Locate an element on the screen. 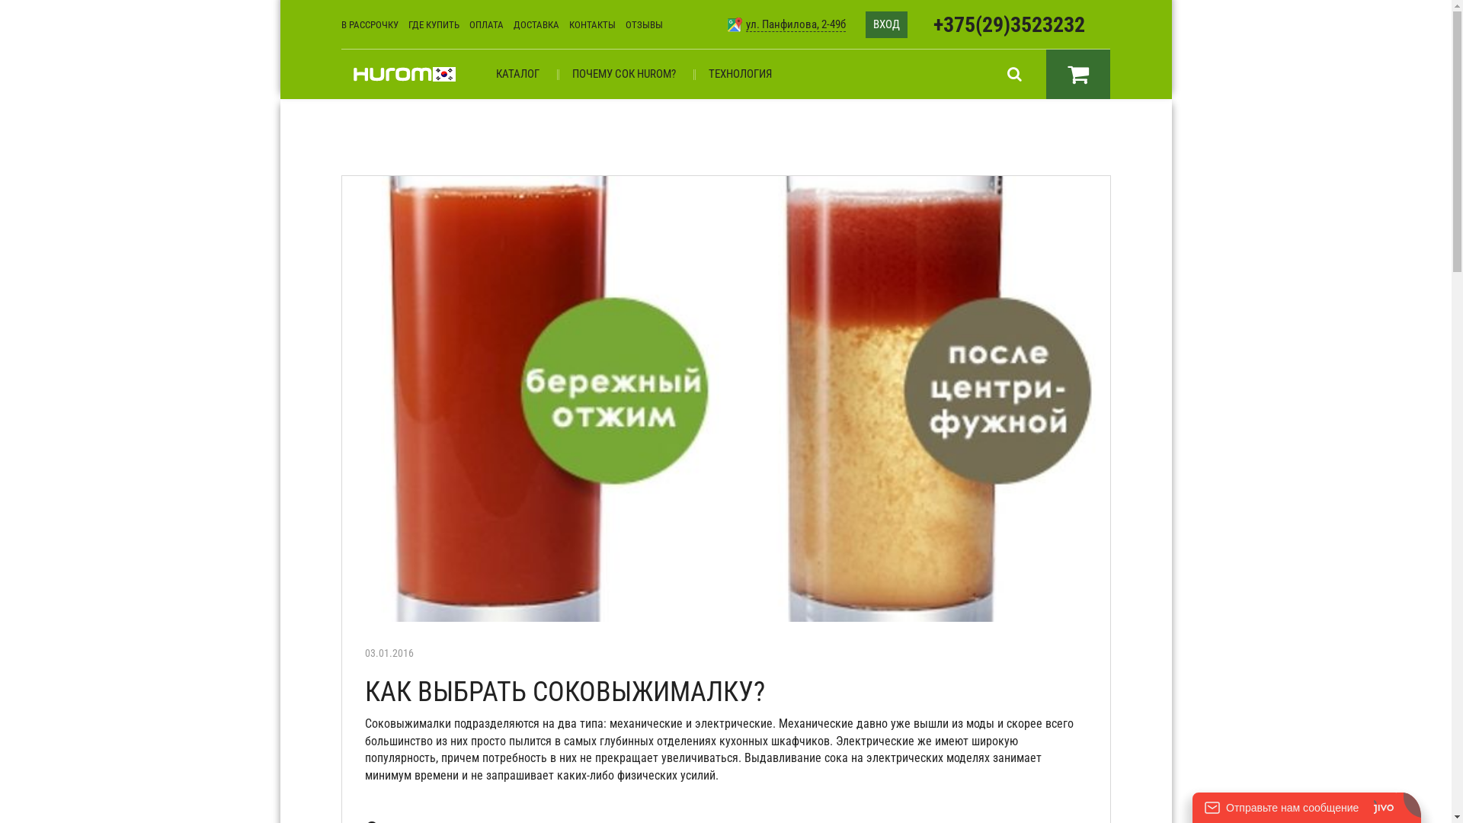 This screenshot has height=823, width=1463. '+375(29)3523232' is located at coordinates (932, 24).